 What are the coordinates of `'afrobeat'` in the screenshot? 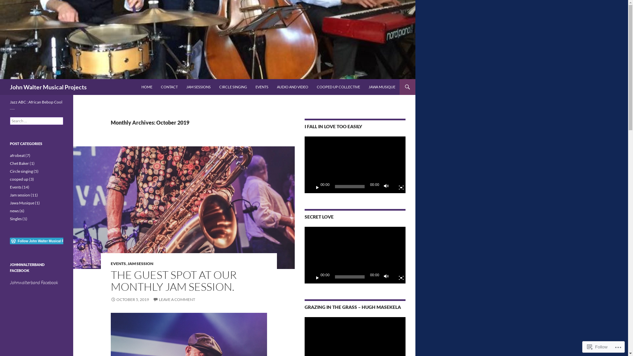 It's located at (17, 155).